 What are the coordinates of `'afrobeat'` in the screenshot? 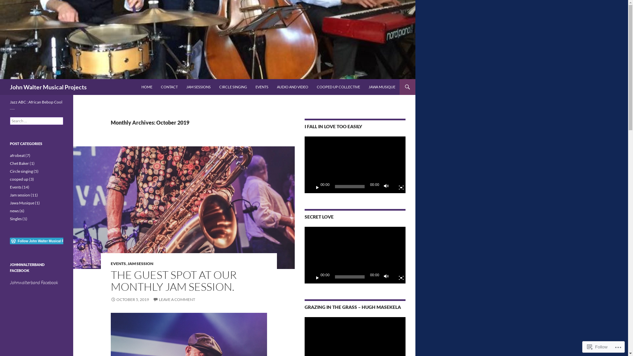 It's located at (17, 155).